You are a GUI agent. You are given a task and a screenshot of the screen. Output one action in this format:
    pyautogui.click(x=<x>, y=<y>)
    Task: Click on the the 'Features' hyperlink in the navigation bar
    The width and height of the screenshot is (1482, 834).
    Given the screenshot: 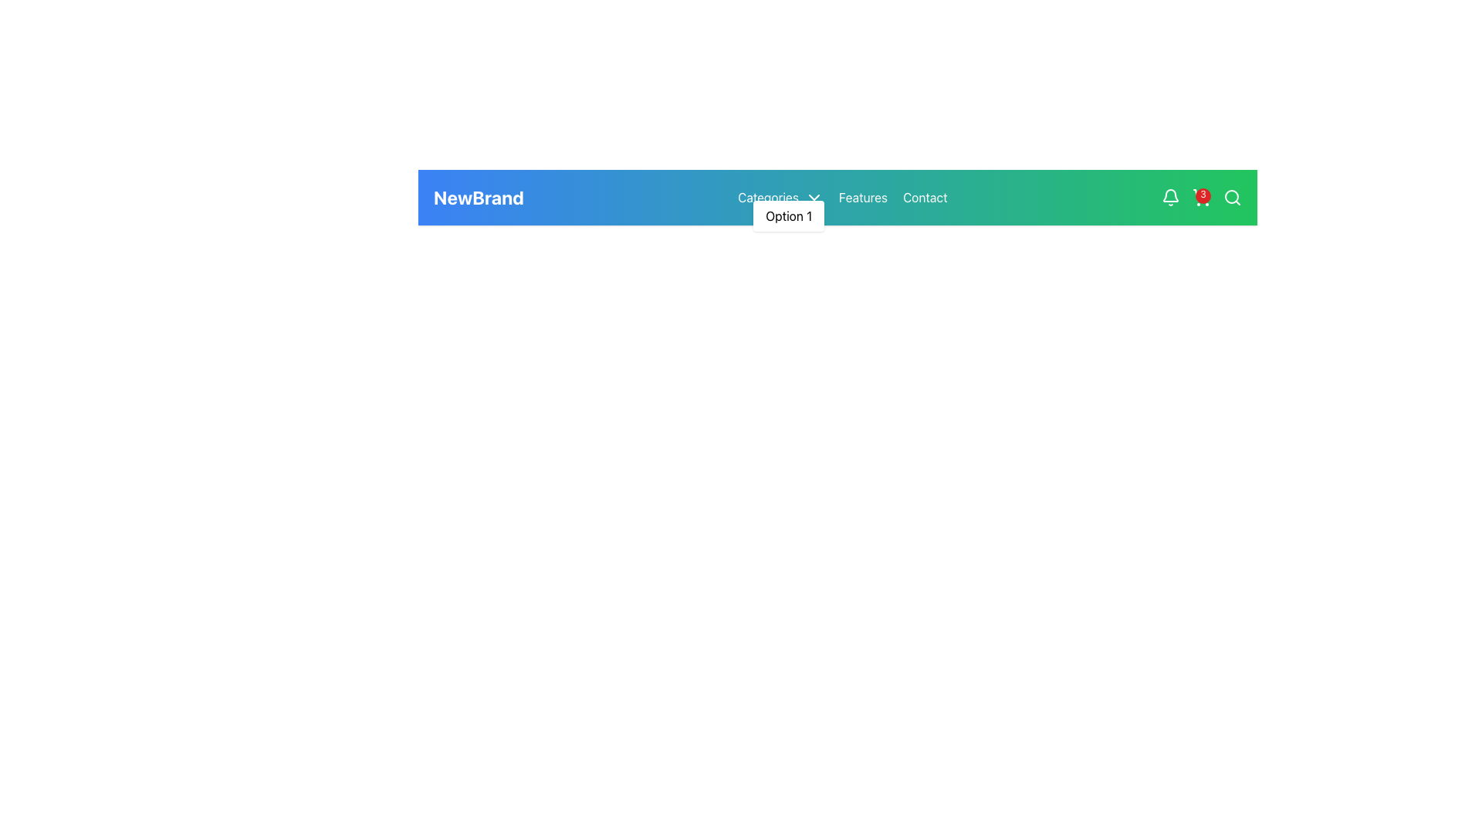 What is the action you would take?
    pyautogui.click(x=862, y=196)
    